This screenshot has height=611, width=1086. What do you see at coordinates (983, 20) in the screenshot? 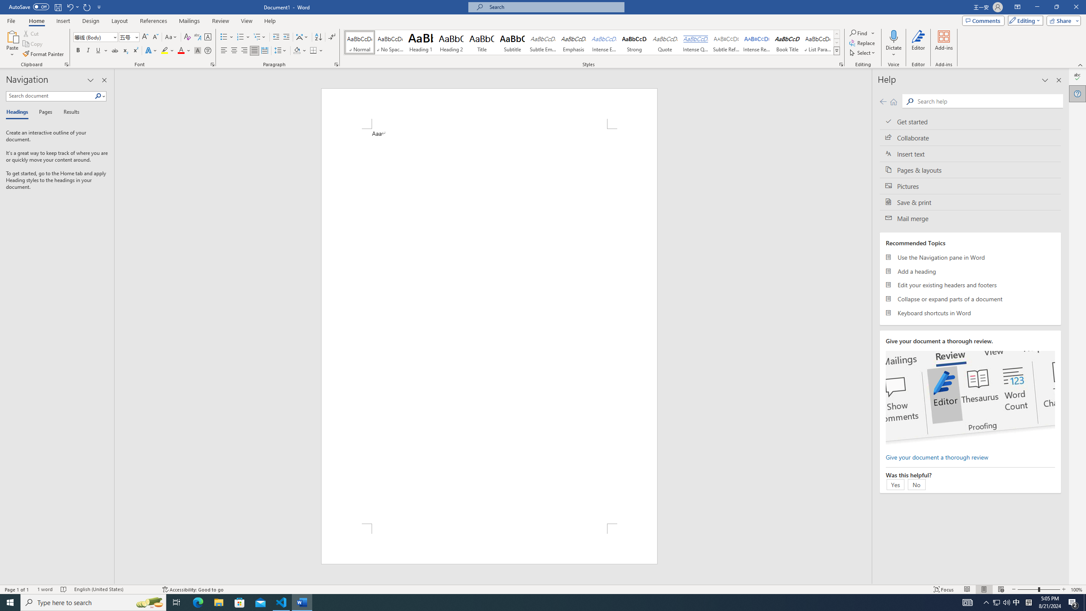
I see `'Comments'` at bounding box center [983, 20].